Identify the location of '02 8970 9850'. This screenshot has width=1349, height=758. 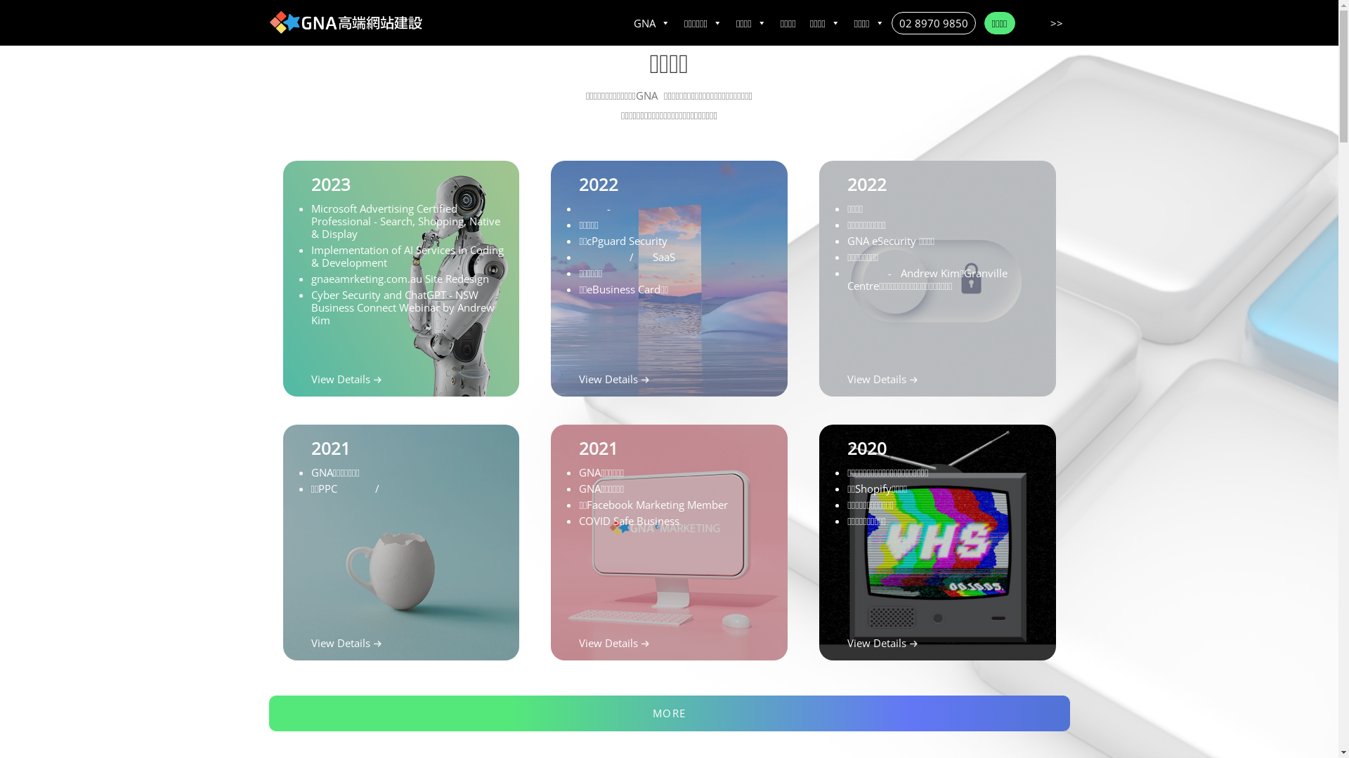
(934, 23).